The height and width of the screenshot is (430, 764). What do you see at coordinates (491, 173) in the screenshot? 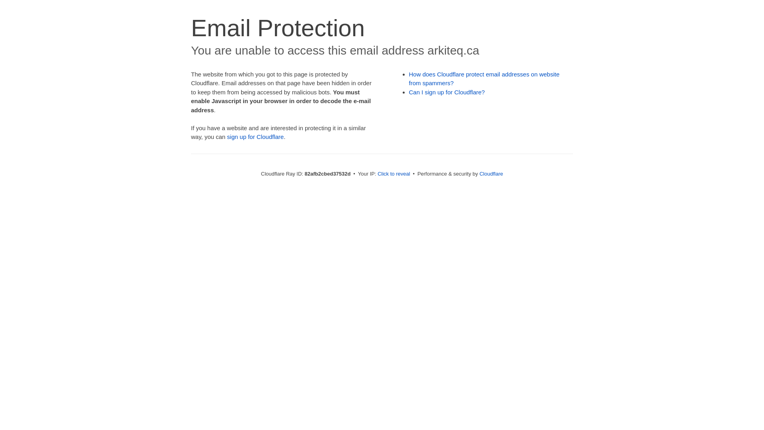
I see `'Cloudflare'` at bounding box center [491, 173].